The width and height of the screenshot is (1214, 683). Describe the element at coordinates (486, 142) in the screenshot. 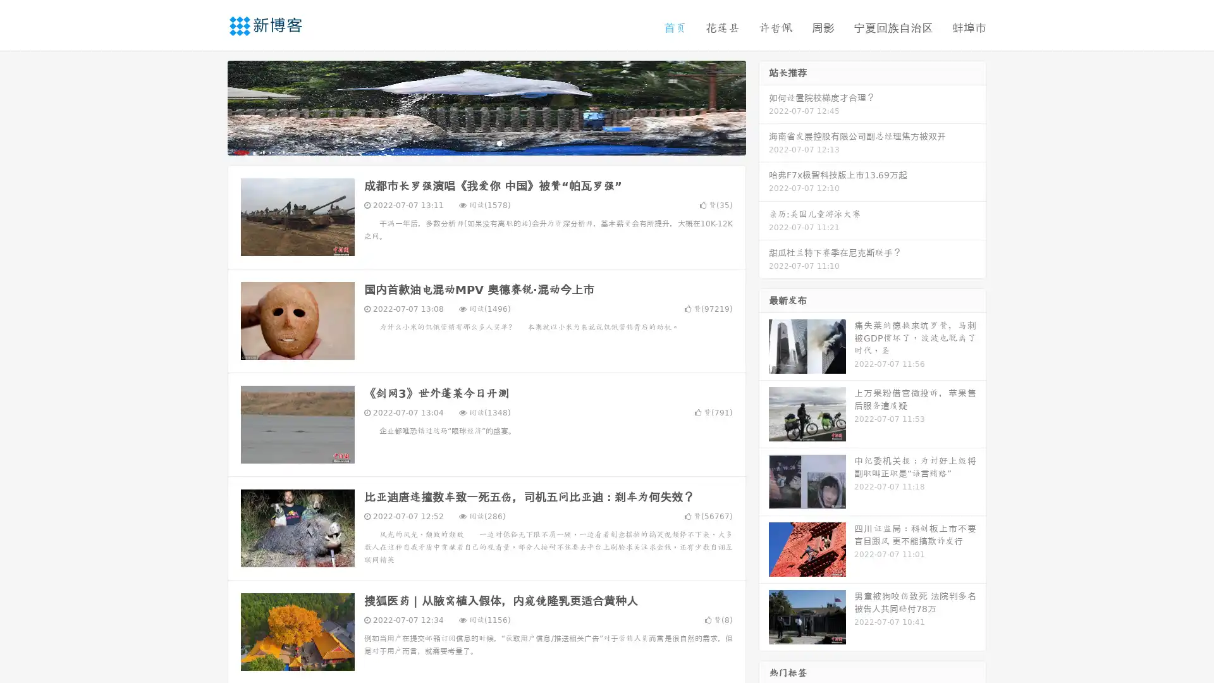

I see `Go to slide 2` at that location.